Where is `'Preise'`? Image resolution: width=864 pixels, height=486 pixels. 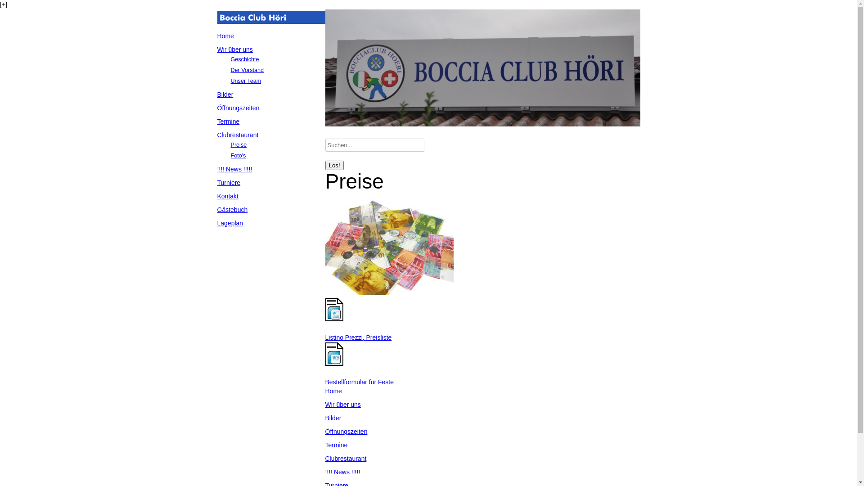
'Preise' is located at coordinates (238, 144).